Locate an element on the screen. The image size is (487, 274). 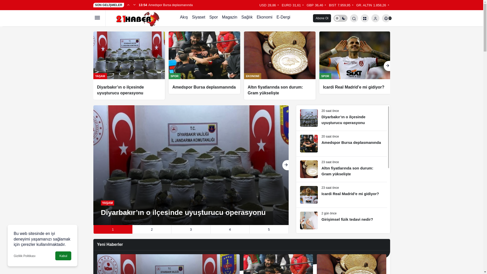
'21Haber' is located at coordinates (134, 18).